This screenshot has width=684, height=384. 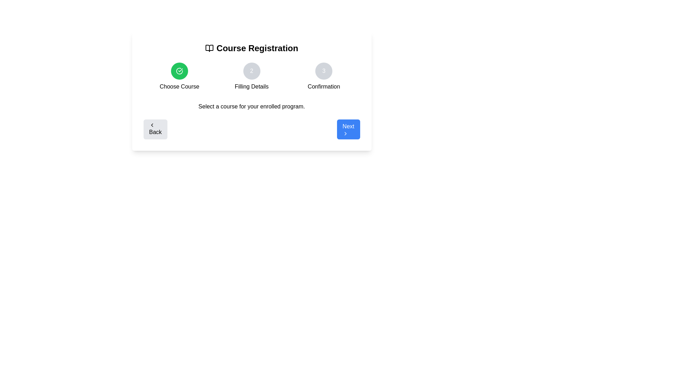 I want to click on the text label that displays 'Filling Details', which is positioned below the circular numerical indicator labeled '2', so click(x=252, y=86).